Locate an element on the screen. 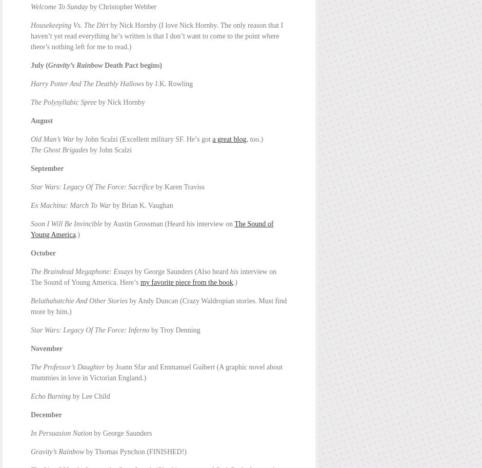 The image size is (482, 468). 'by Austin Grossman  (Heard his interview on' is located at coordinates (168, 223).